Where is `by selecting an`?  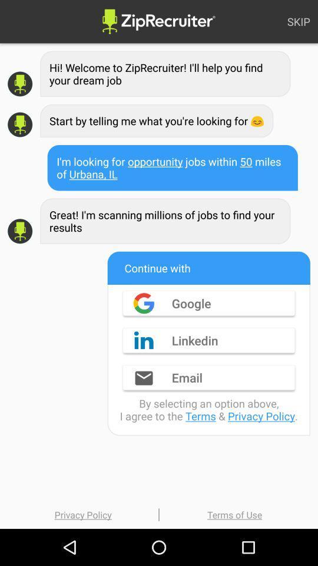 by selecting an is located at coordinates (208, 410).